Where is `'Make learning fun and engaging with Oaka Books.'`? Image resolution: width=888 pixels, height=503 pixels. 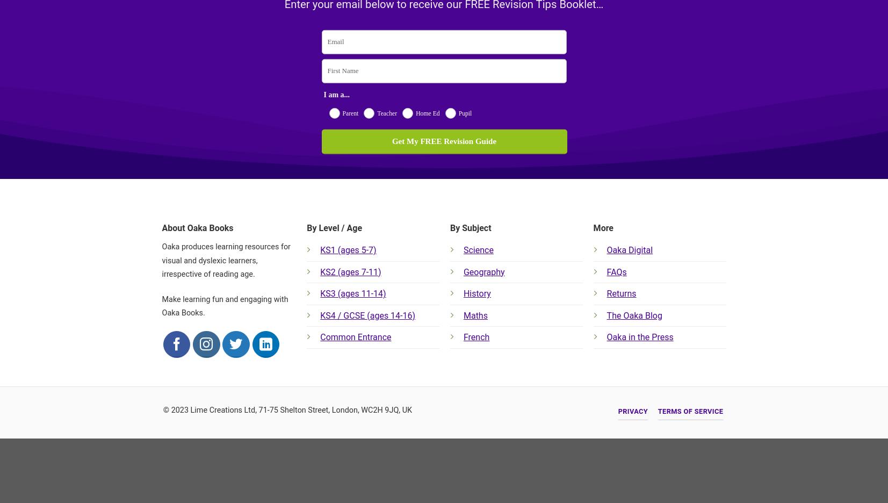 'Make learning fun and engaging with Oaka Books.' is located at coordinates (224, 305).